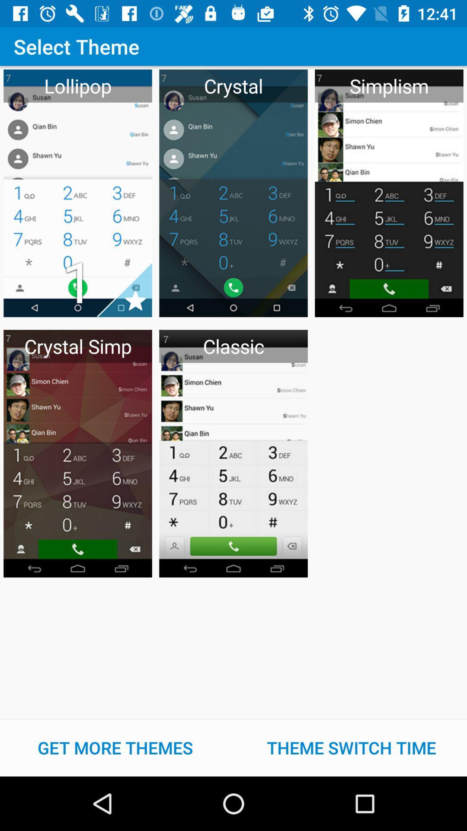  I want to click on the button next to the get more themes icon, so click(352, 747).